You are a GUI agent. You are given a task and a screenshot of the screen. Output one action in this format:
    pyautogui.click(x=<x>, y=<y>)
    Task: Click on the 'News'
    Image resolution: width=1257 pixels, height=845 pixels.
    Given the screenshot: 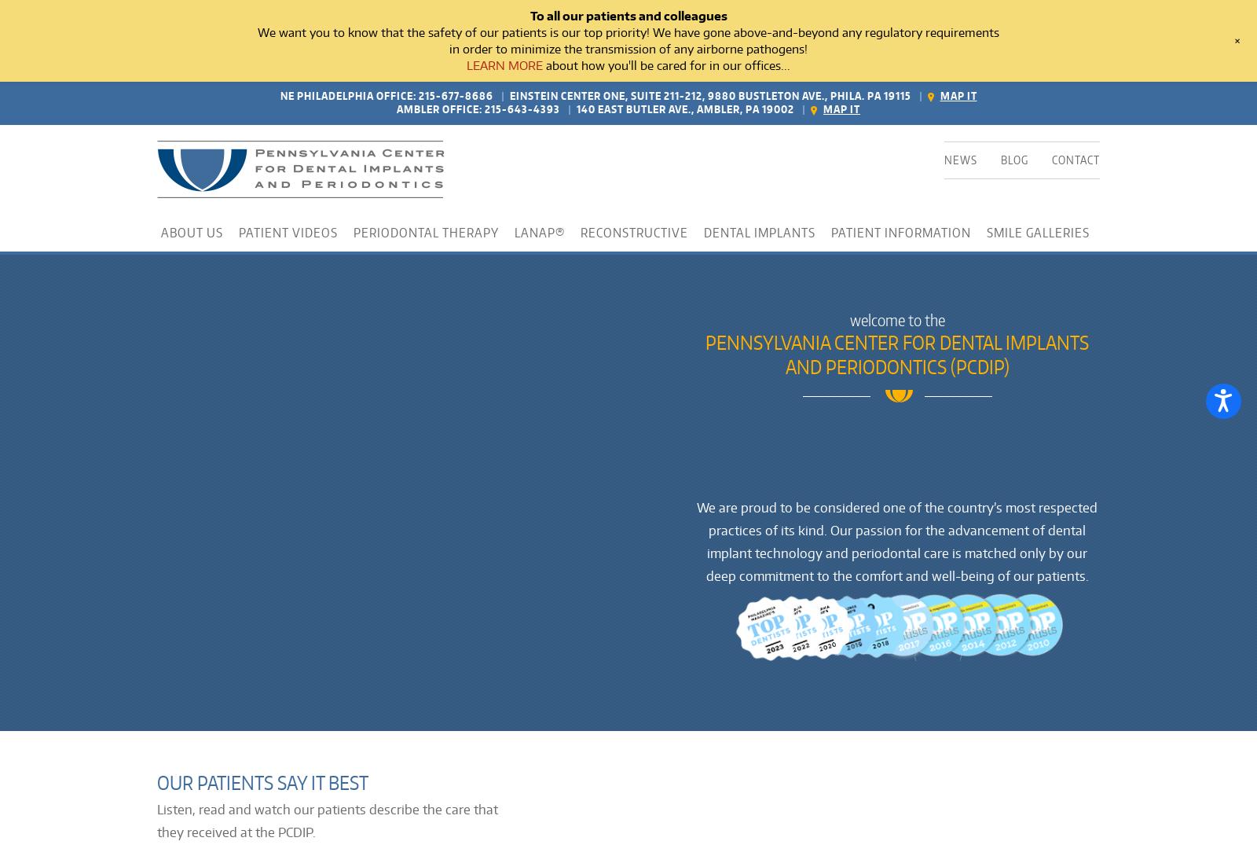 What is the action you would take?
    pyautogui.click(x=960, y=158)
    